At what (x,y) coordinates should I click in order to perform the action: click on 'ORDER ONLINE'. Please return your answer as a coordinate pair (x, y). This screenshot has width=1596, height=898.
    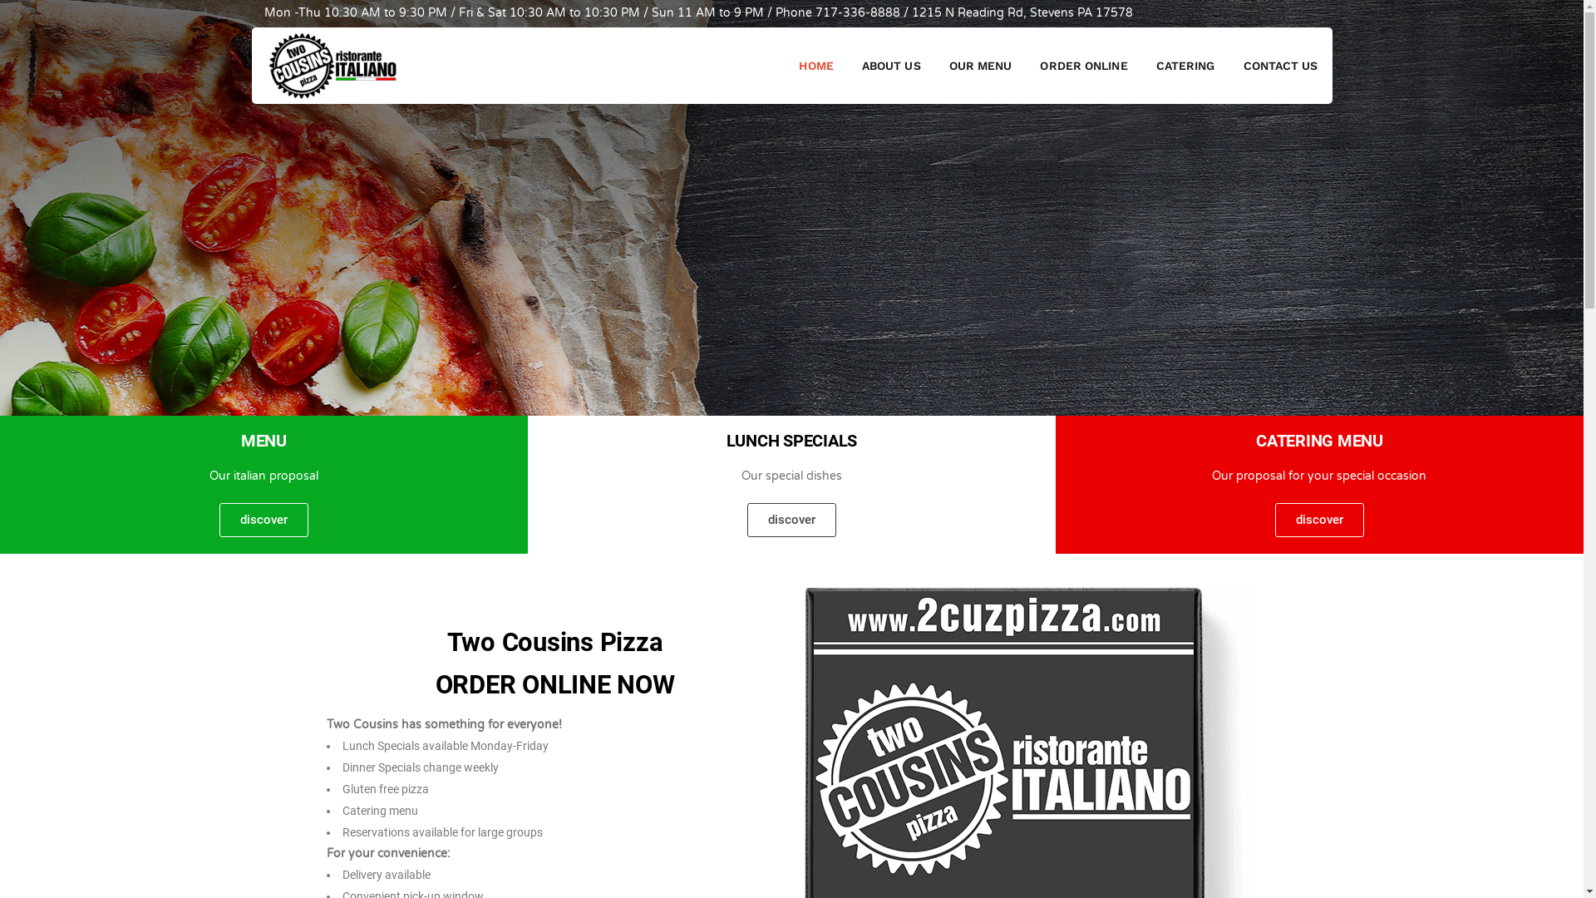
    Looking at the image, I should click on (1083, 64).